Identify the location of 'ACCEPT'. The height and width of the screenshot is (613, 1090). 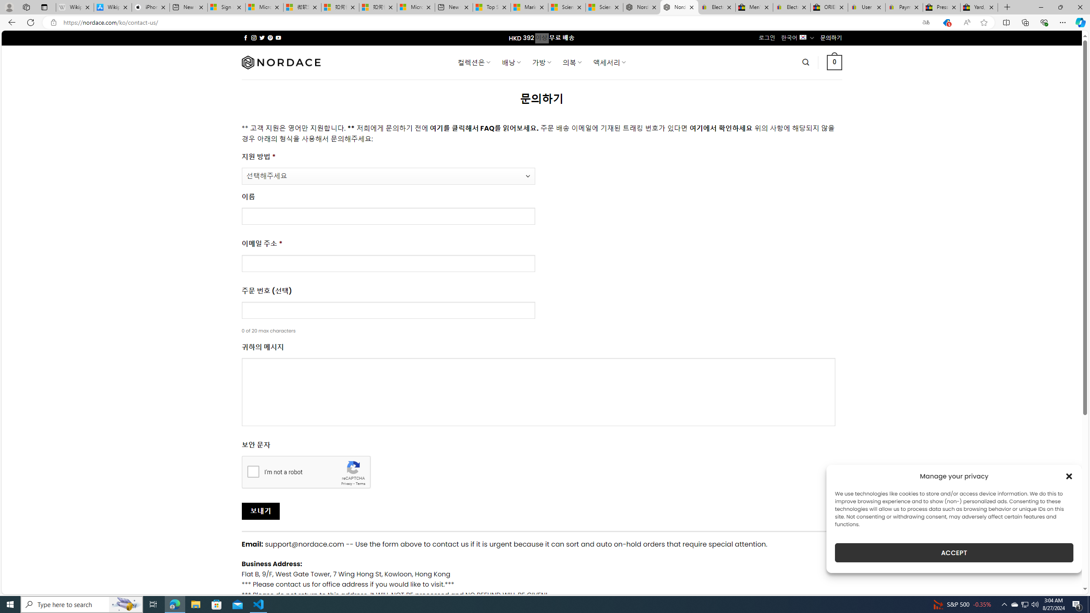
(954, 553).